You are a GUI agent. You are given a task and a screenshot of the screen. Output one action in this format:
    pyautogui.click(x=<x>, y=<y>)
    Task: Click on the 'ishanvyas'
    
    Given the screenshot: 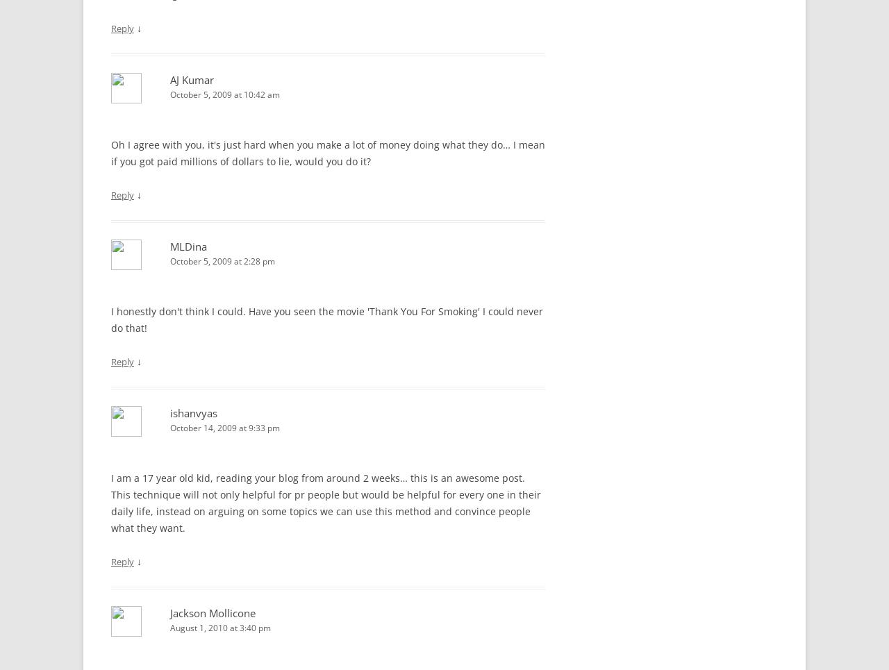 What is the action you would take?
    pyautogui.click(x=193, y=412)
    